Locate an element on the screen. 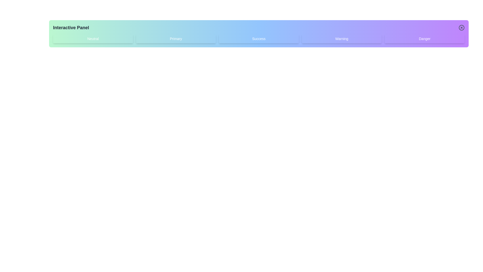 The height and width of the screenshot is (272, 483). the 'Danger' button, the fifth button in a horizontal sequence is located at coordinates (424, 39).